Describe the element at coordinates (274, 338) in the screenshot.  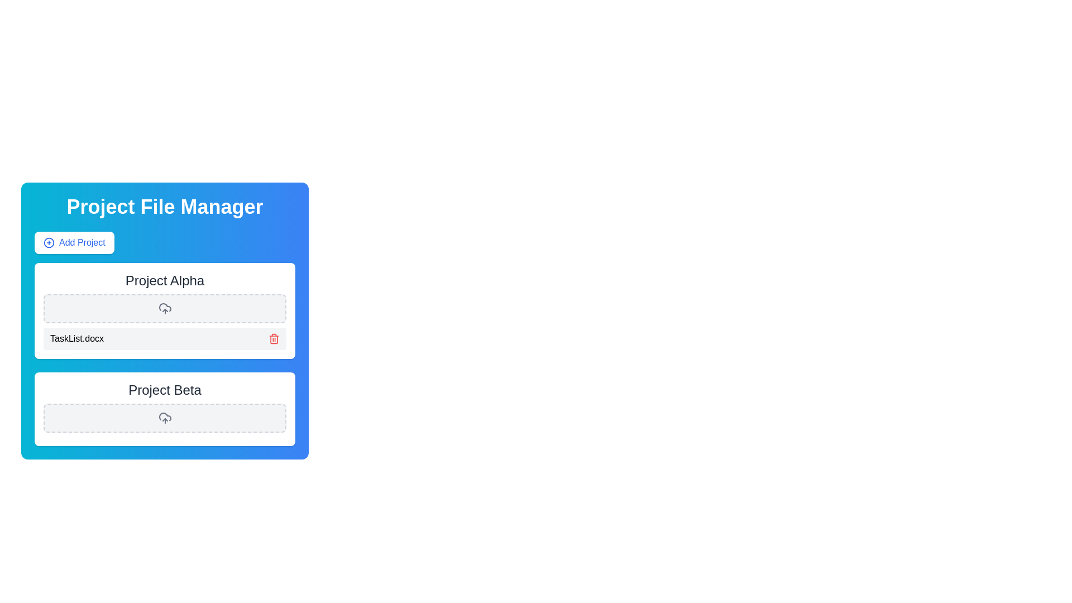
I see `the delete button located at the bottom right corner adjacent to 'TaskList.docx' to observe the hover effect` at that location.